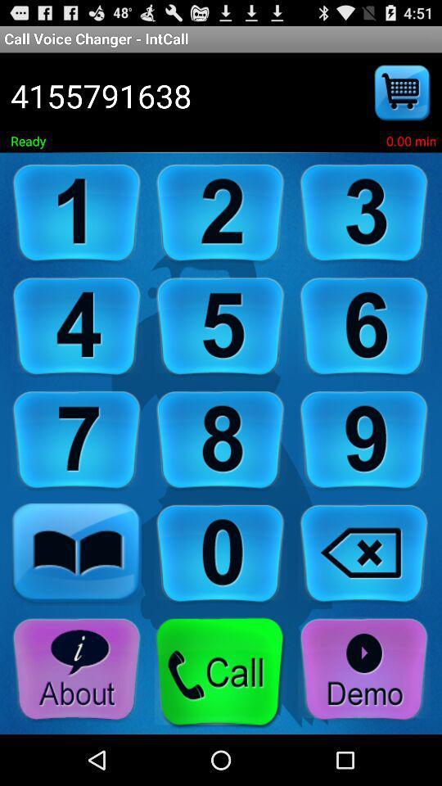 The height and width of the screenshot is (786, 442). Describe the element at coordinates (76, 670) in the screenshot. I see `about the app` at that location.